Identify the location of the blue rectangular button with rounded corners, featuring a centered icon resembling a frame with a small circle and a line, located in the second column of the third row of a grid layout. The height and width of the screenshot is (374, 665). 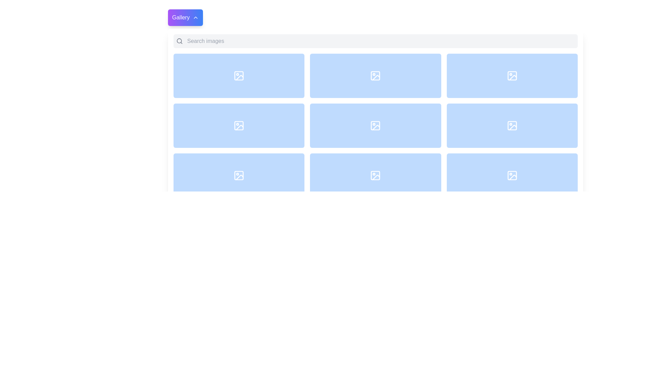
(375, 175).